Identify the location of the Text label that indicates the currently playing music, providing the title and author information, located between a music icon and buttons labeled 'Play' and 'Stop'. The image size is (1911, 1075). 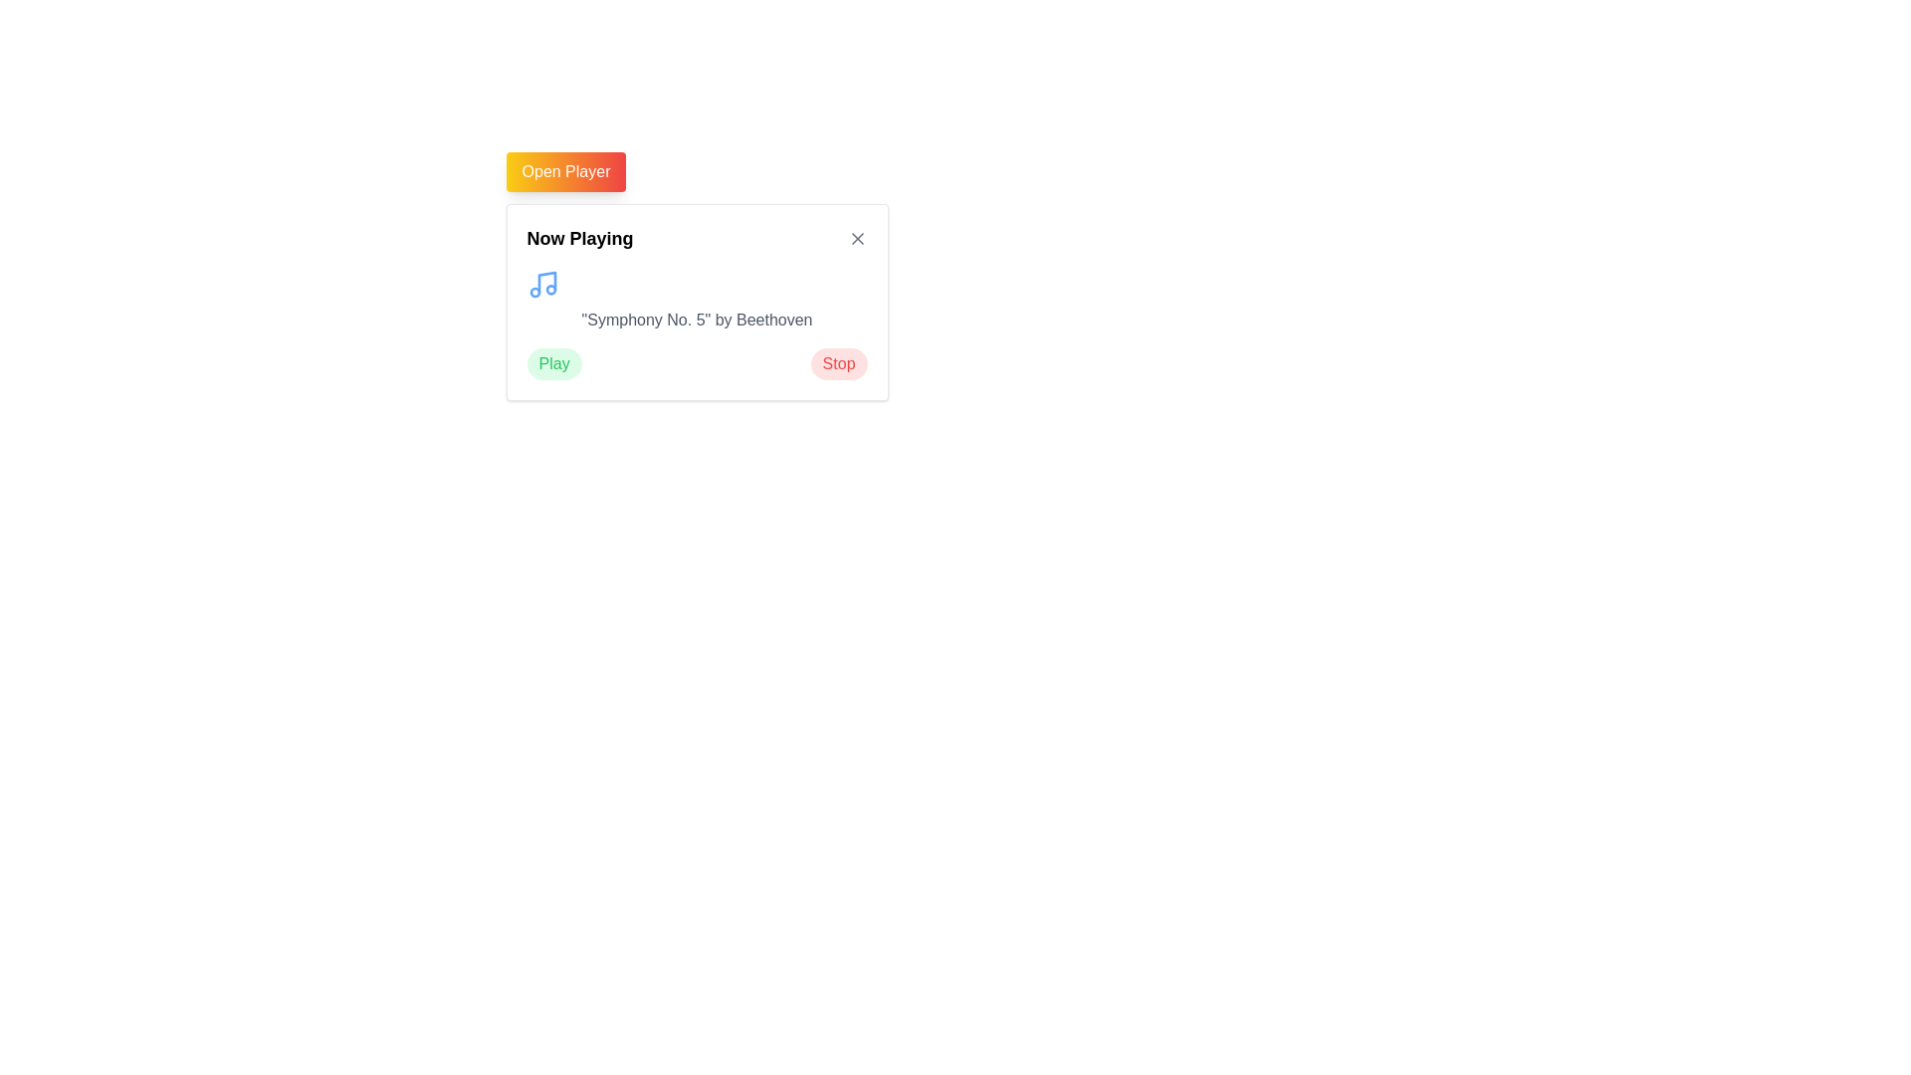
(697, 319).